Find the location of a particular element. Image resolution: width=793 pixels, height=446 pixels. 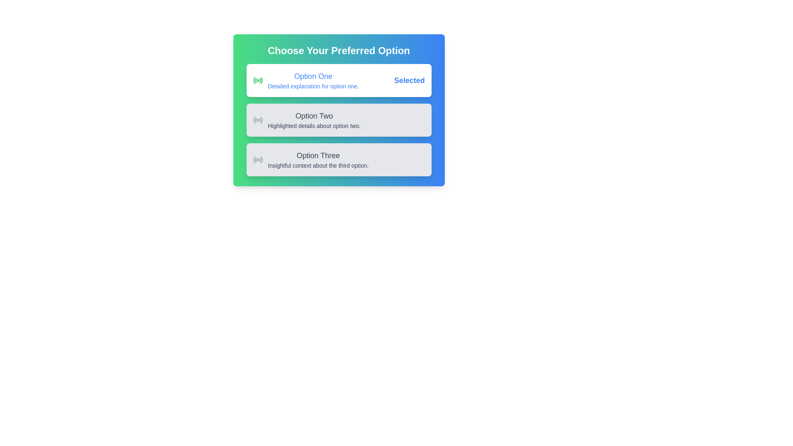

the first selectable option in the grouped text display component is located at coordinates (313, 81).